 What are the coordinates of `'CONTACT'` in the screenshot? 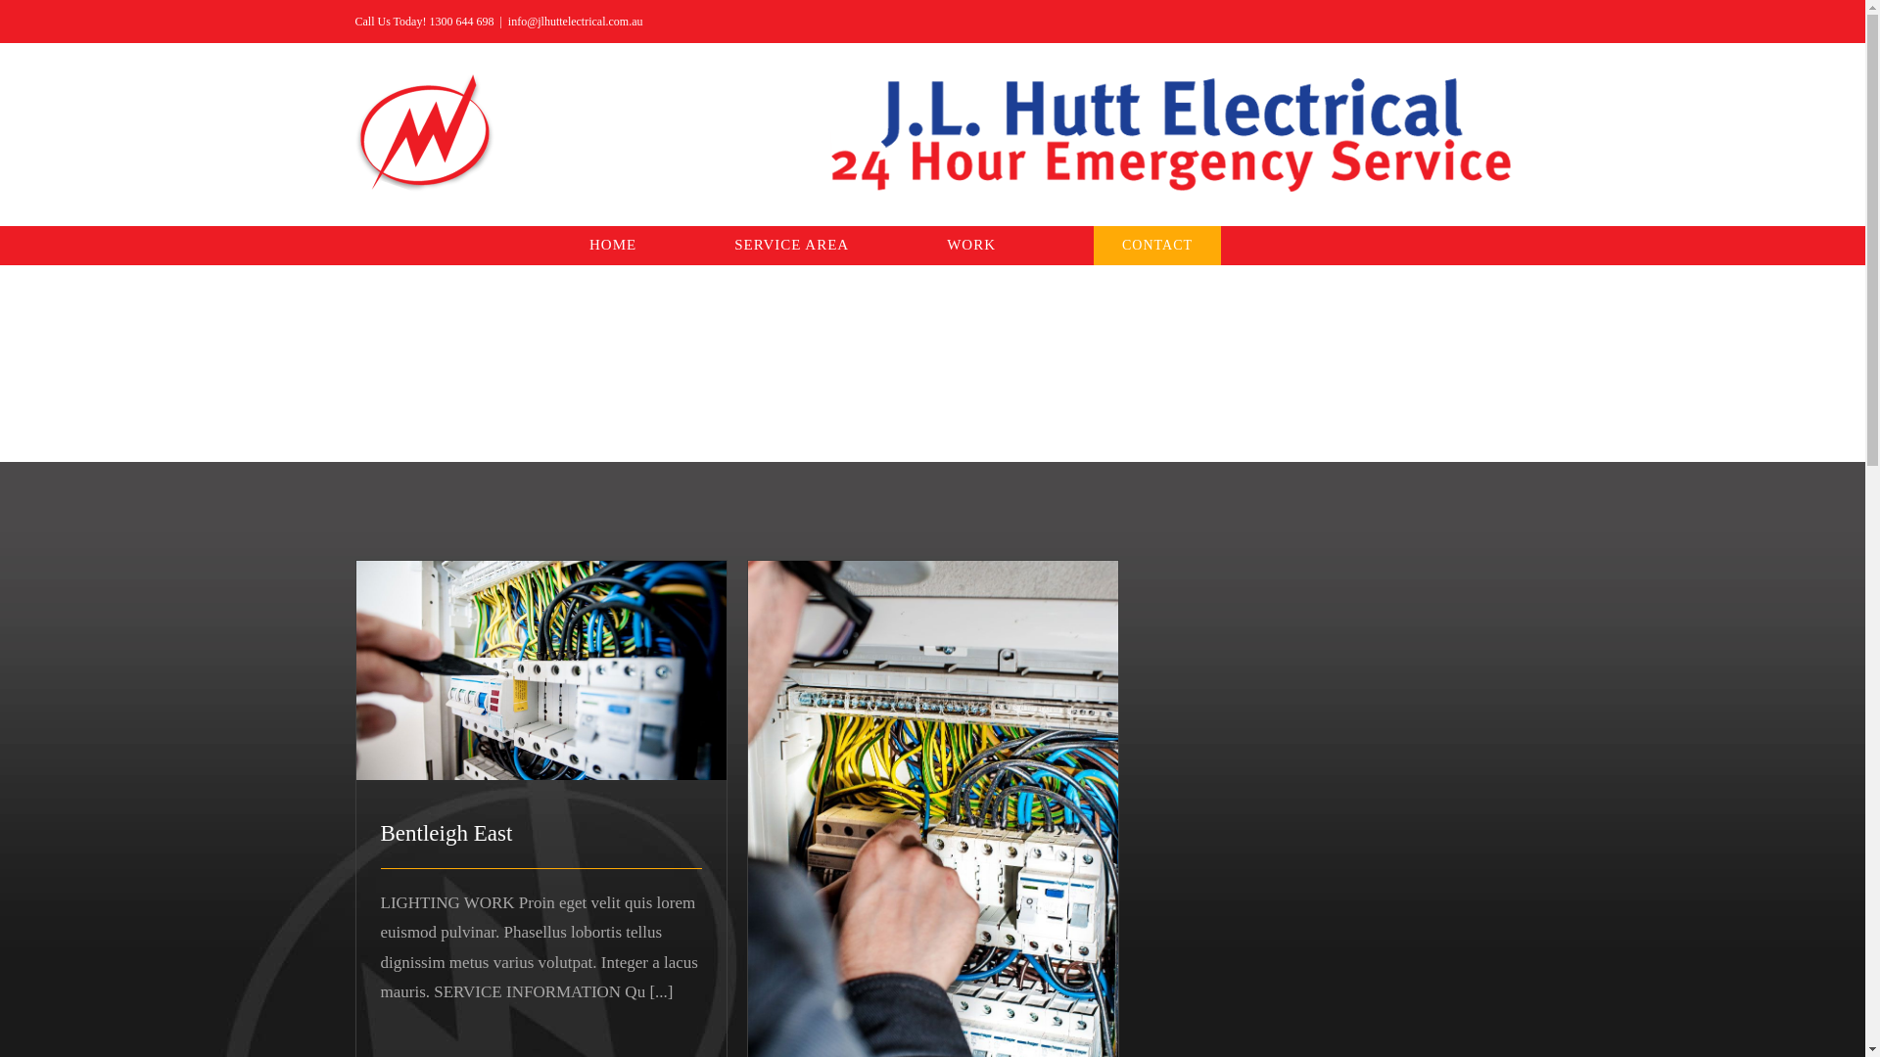 It's located at (1156, 244).